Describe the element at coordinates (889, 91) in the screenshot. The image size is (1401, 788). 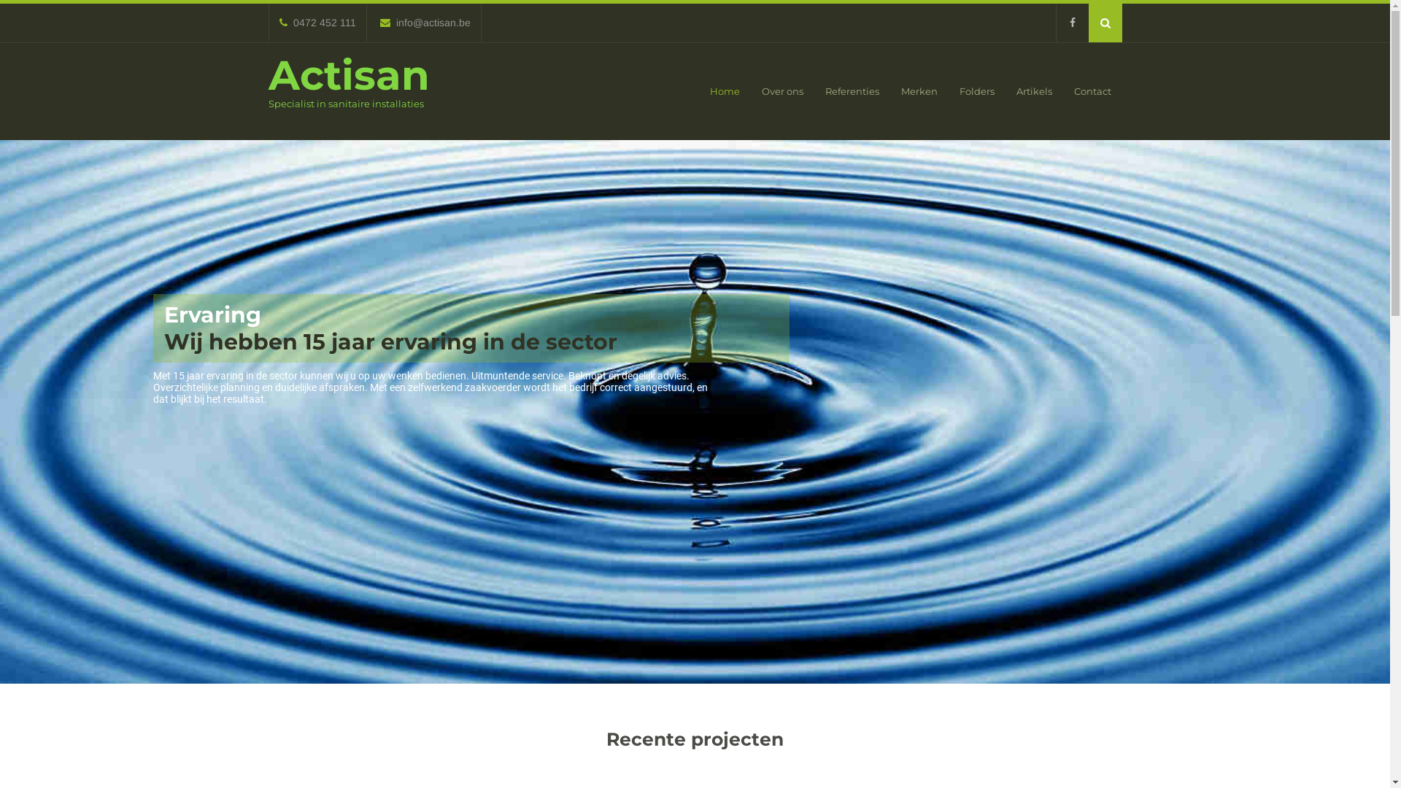
I see `'Merken'` at that location.